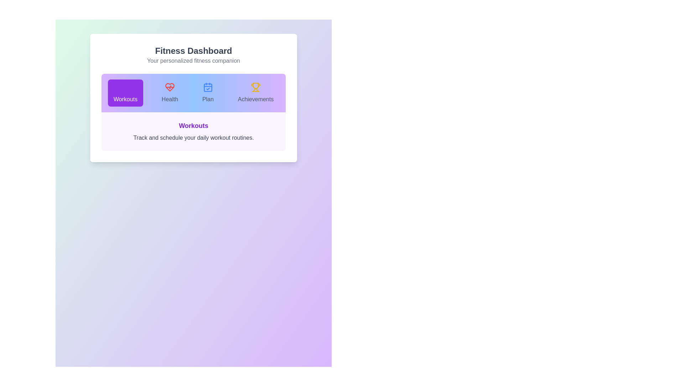 This screenshot has width=684, height=385. Describe the element at coordinates (125, 93) in the screenshot. I see `the tab icon corresponding to Workouts` at that location.